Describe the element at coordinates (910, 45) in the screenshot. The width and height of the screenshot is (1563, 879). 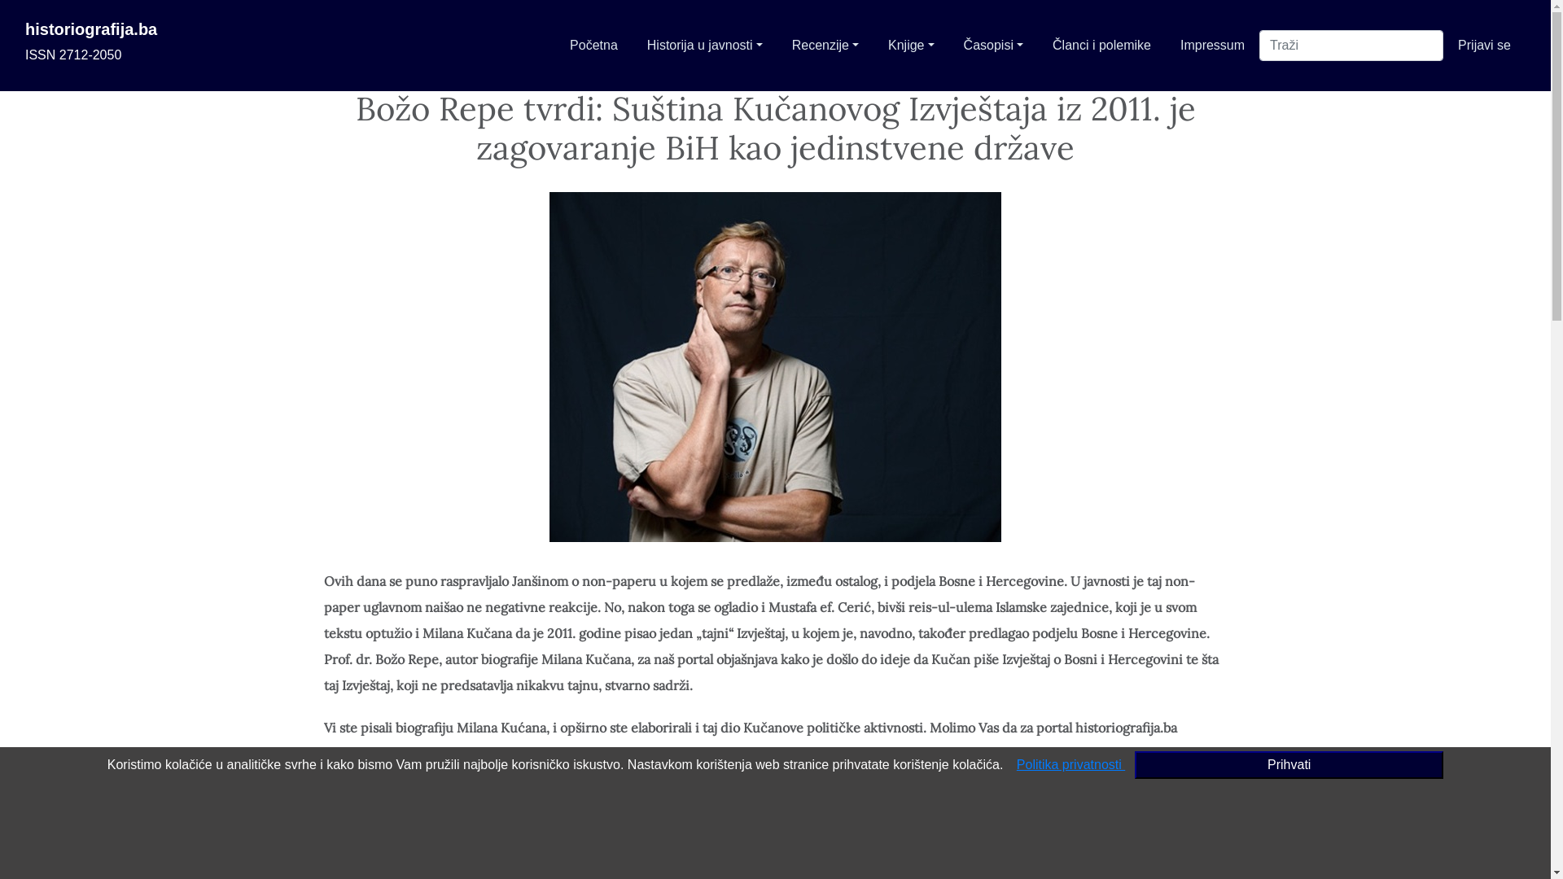
I see `'Knjige'` at that location.